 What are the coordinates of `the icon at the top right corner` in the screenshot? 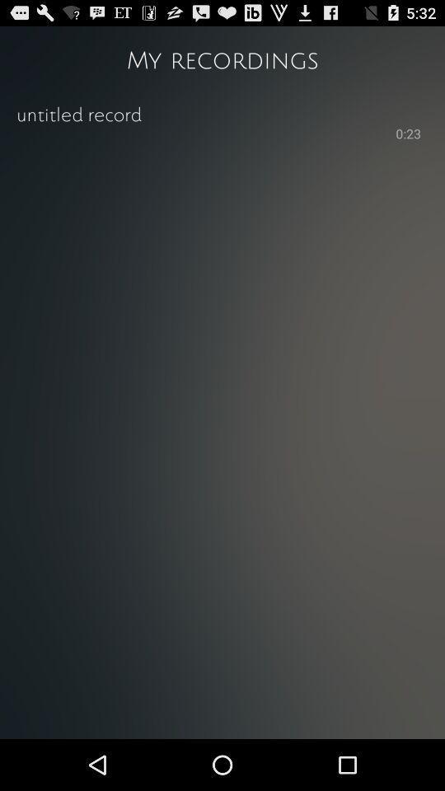 It's located at (407, 134).